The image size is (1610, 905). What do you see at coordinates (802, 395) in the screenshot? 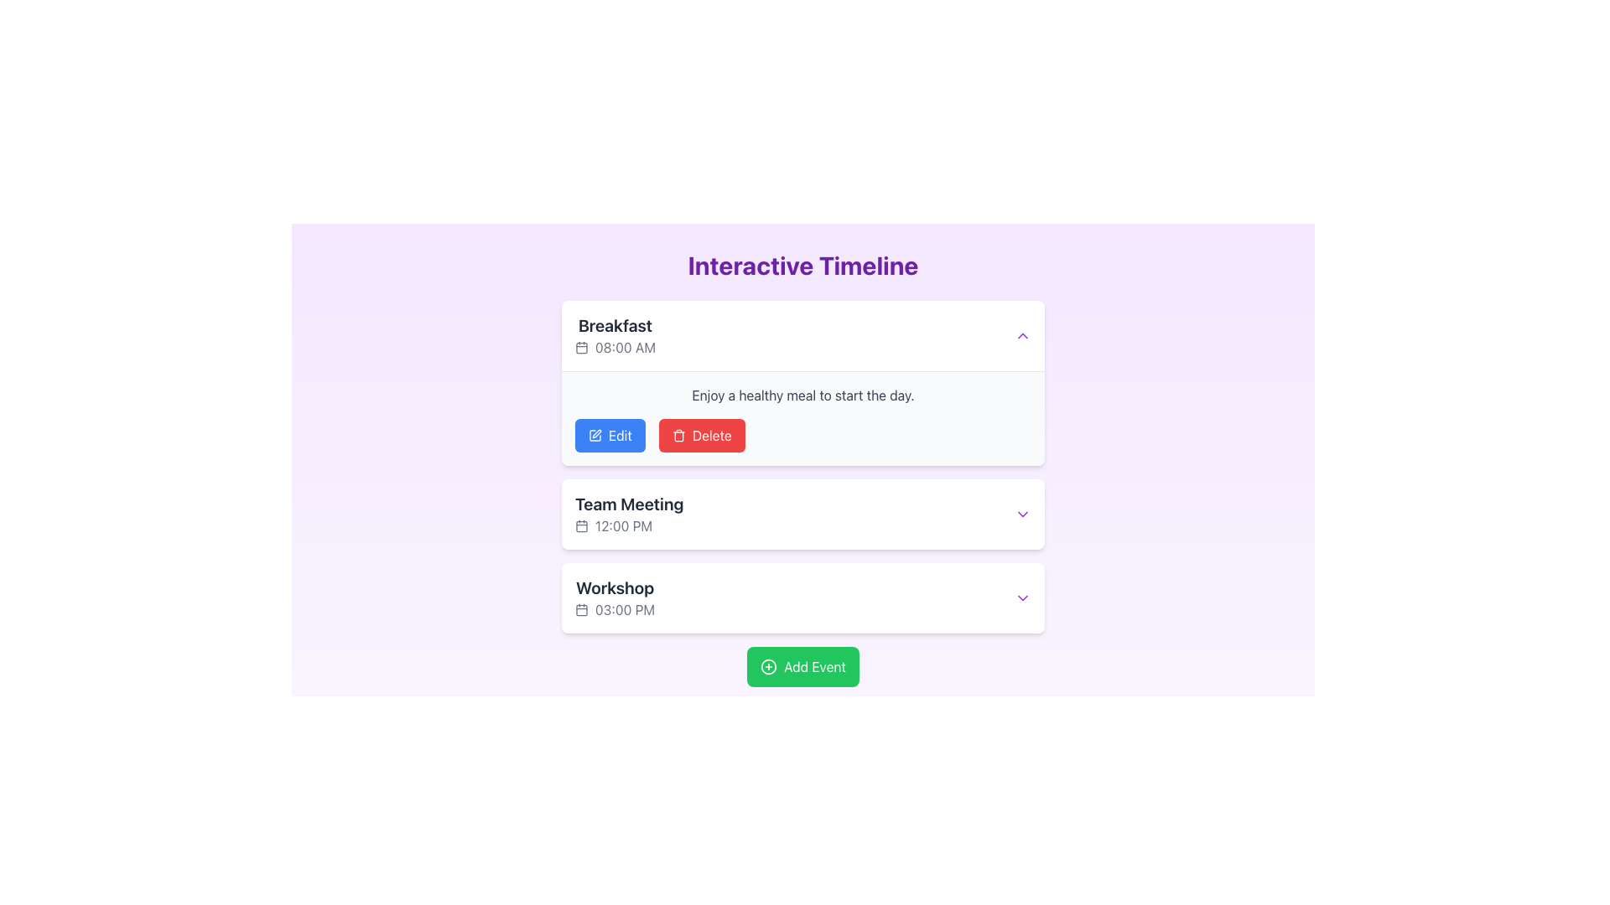
I see `static text element describing the 'Breakfast' event, which is located above the 'Edit' and 'Delete' buttons in the first event entry block of the timeline interface` at bounding box center [802, 395].